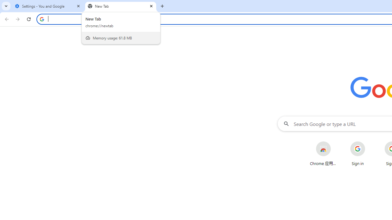  What do you see at coordinates (151, 6) in the screenshot?
I see `'Close'` at bounding box center [151, 6].